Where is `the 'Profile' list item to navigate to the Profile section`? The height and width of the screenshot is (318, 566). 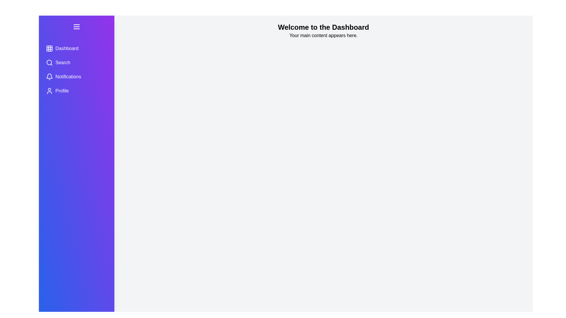
the 'Profile' list item to navigate to the Profile section is located at coordinates (76, 91).